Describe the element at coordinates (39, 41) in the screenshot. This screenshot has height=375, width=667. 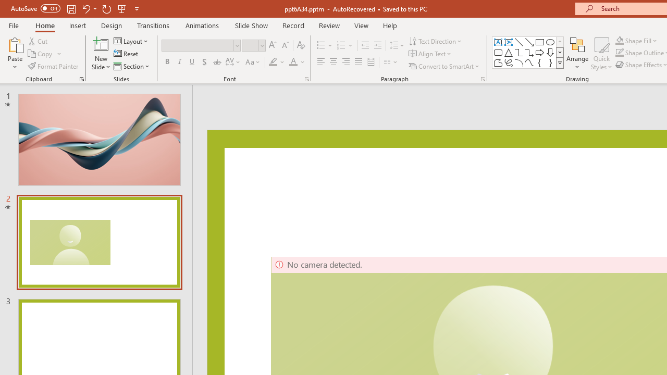
I see `'Cut'` at that location.